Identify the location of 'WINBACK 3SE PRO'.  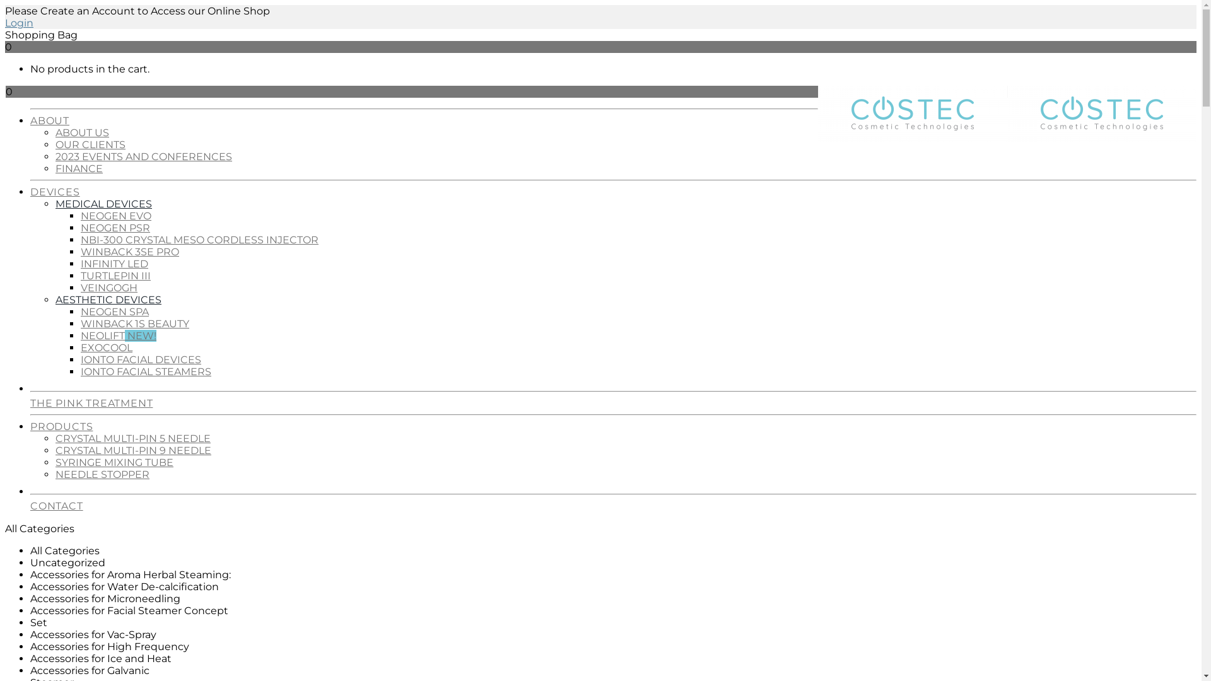
(130, 252).